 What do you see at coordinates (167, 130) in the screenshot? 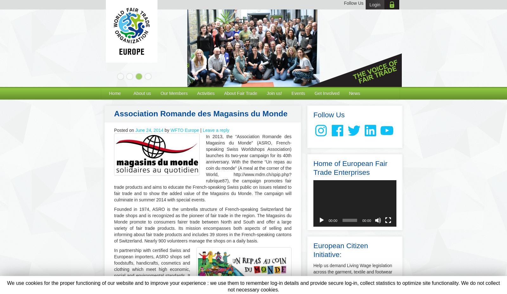
I see `'by'` at bounding box center [167, 130].